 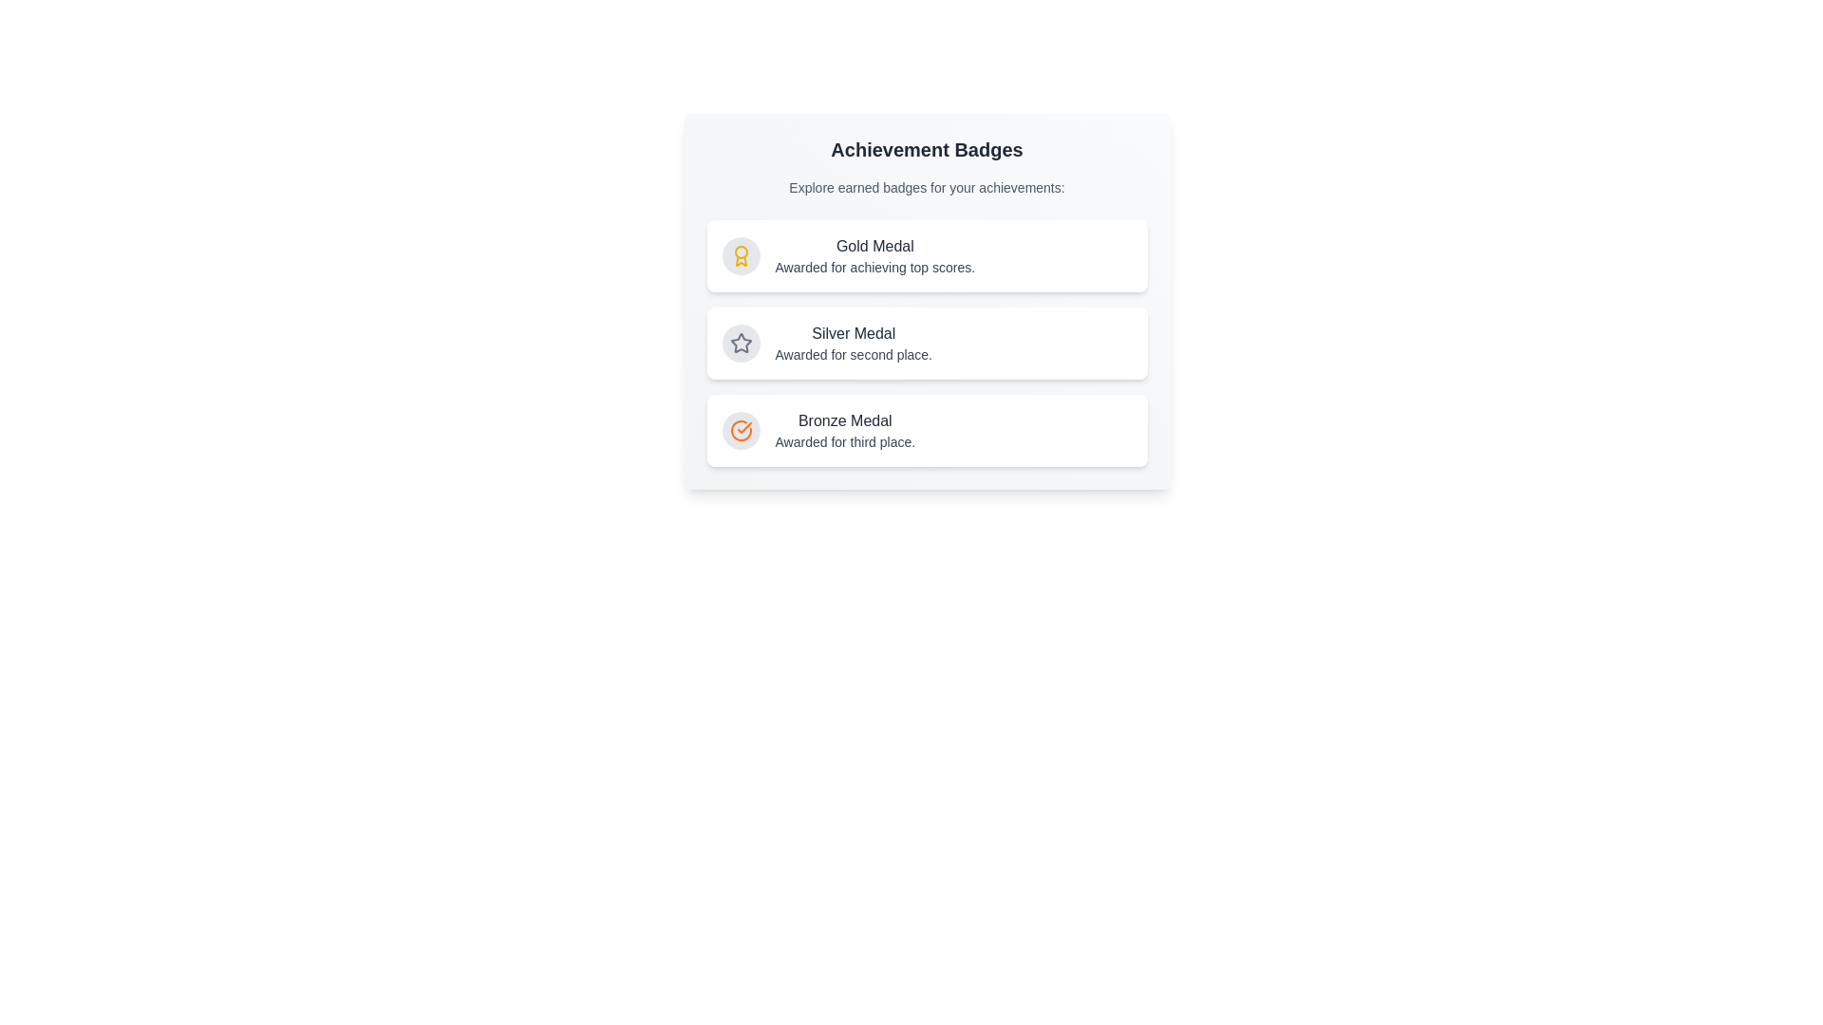 I want to click on the Header element labeled 'Gold Medal' with the description 'Awarded for achieving top scores.', so click(x=874, y=256).